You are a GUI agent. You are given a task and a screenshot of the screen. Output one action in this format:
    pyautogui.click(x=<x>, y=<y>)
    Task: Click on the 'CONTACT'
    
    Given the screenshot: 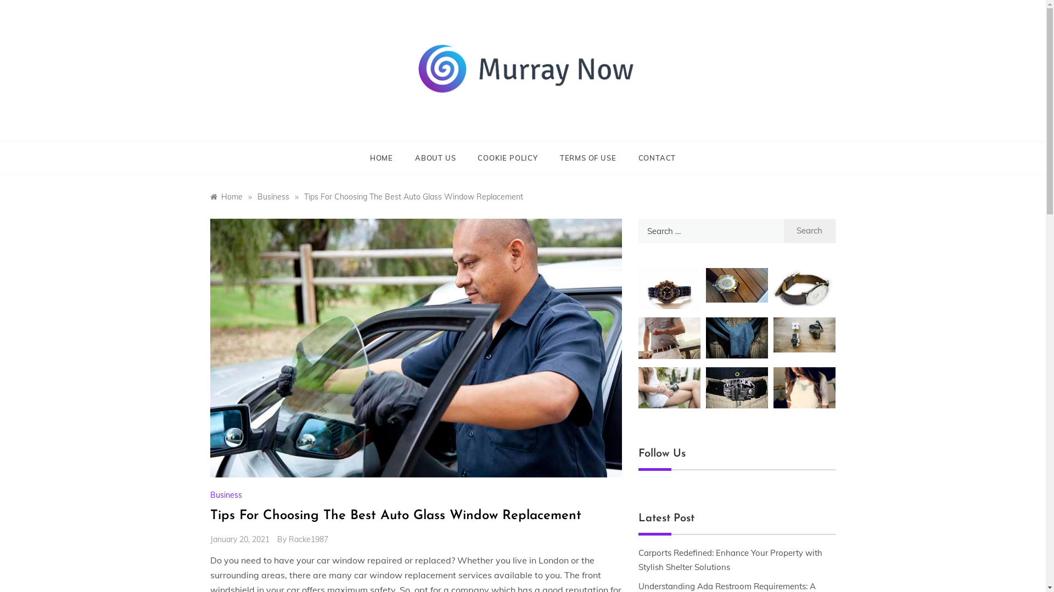 What is the action you would take?
    pyautogui.click(x=627, y=158)
    